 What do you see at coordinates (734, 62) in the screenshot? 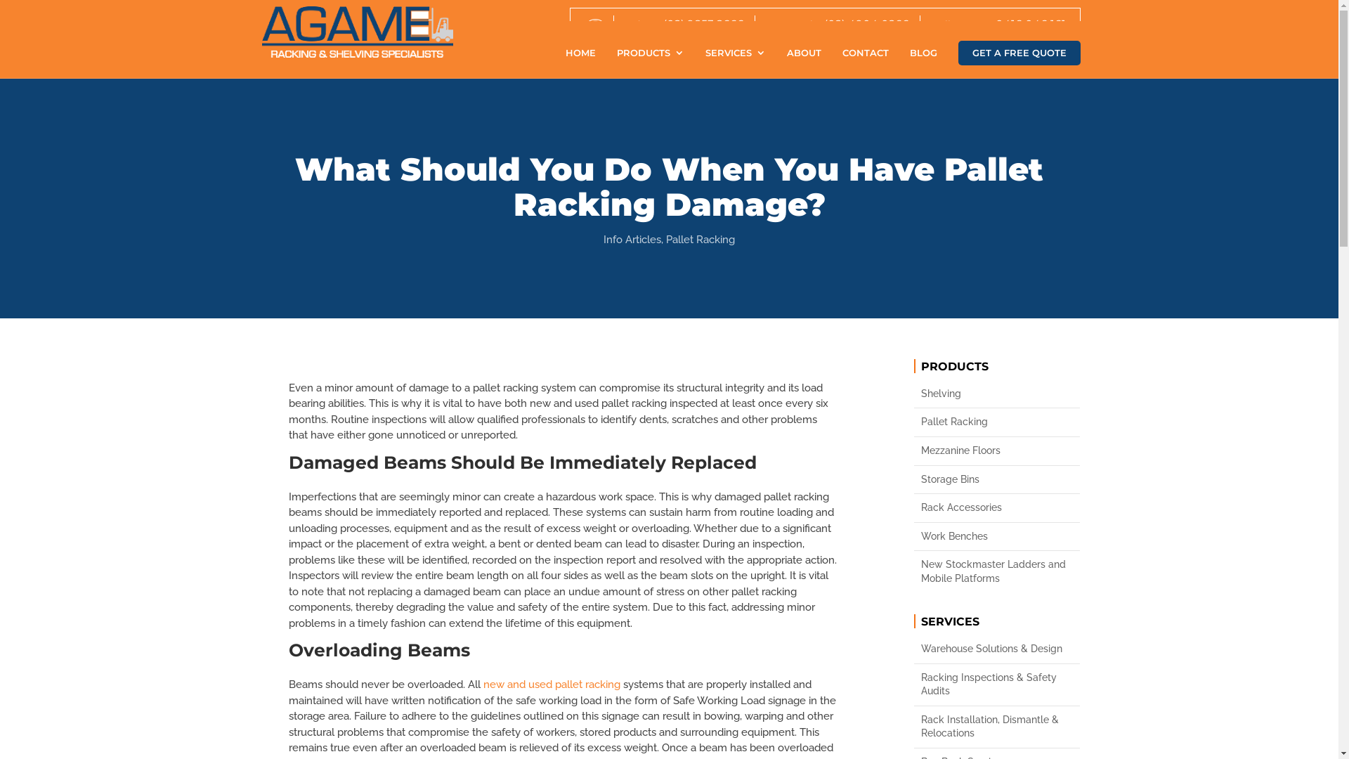
I see `'SERVICES'` at bounding box center [734, 62].